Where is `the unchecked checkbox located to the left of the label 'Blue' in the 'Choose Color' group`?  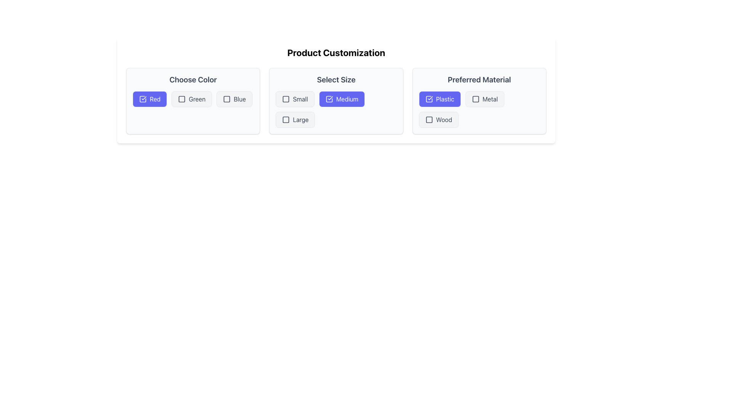
the unchecked checkbox located to the left of the label 'Blue' in the 'Choose Color' group is located at coordinates (226, 98).